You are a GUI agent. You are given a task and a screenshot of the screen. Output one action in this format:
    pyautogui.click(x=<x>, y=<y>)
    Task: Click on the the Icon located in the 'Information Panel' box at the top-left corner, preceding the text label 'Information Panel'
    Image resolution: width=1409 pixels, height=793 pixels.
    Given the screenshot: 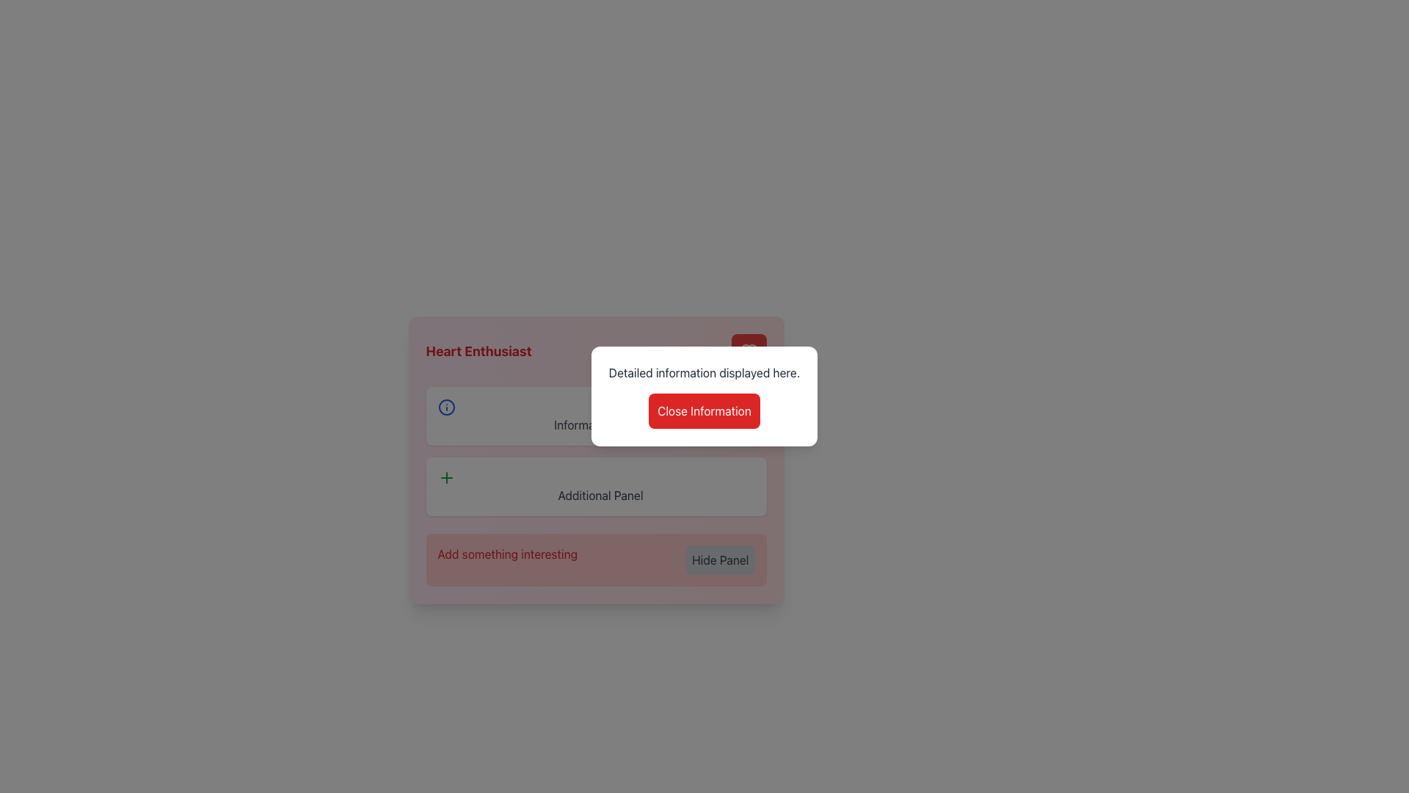 What is the action you would take?
    pyautogui.click(x=445, y=408)
    